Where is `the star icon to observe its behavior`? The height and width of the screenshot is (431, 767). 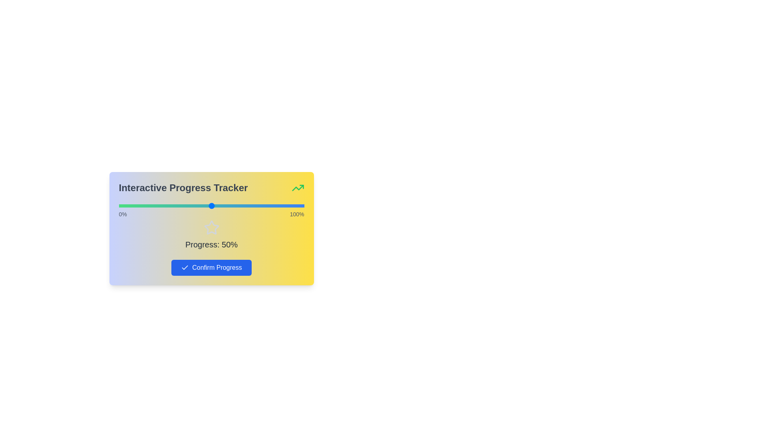 the star icon to observe its behavior is located at coordinates (211, 227).